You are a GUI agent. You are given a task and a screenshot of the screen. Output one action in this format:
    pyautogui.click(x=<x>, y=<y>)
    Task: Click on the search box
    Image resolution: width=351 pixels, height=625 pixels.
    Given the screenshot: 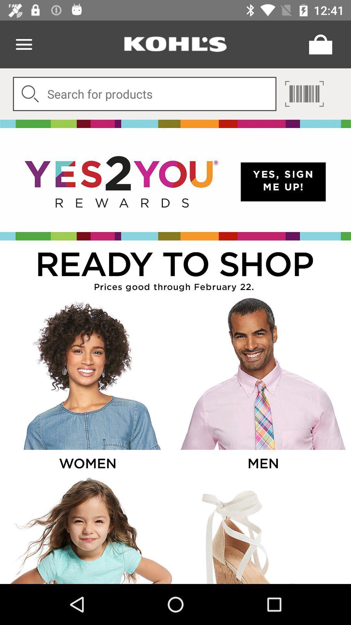 What is the action you would take?
    pyautogui.click(x=144, y=93)
    